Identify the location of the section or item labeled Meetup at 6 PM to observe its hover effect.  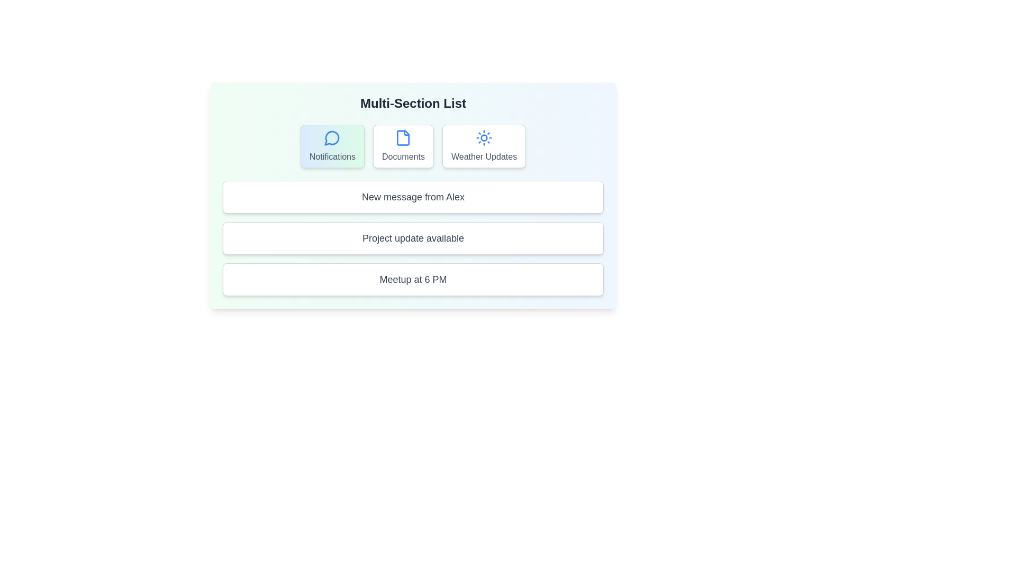
(413, 279).